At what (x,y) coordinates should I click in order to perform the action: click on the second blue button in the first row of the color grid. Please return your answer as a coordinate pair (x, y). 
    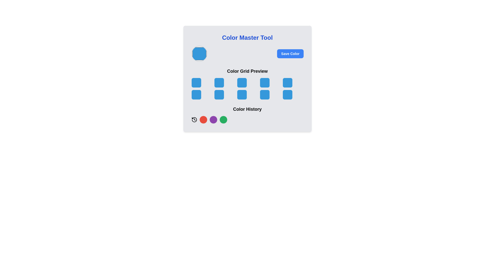
    Looking at the image, I should click on (219, 82).